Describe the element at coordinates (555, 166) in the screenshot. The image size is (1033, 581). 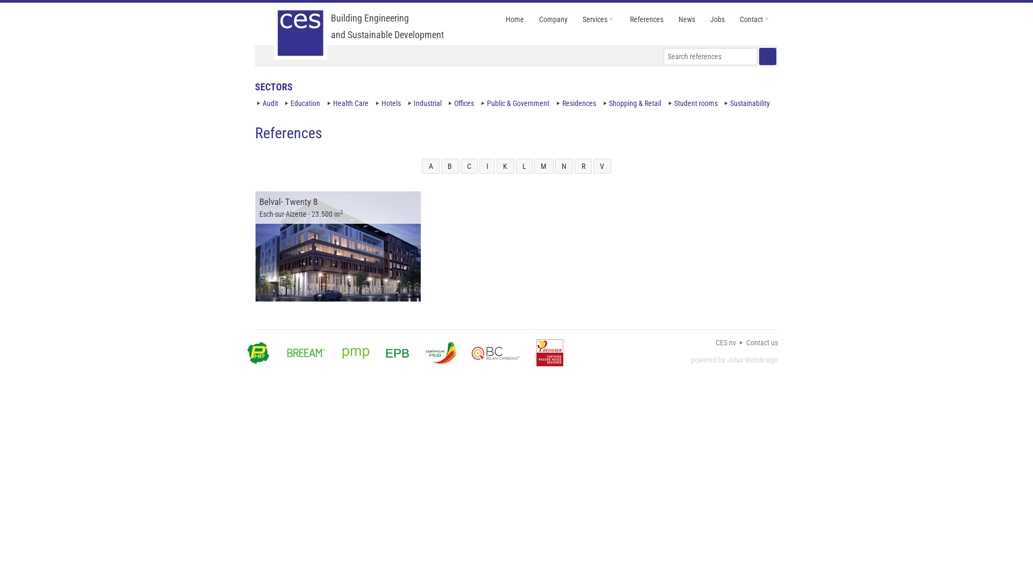
I see `'N'` at that location.